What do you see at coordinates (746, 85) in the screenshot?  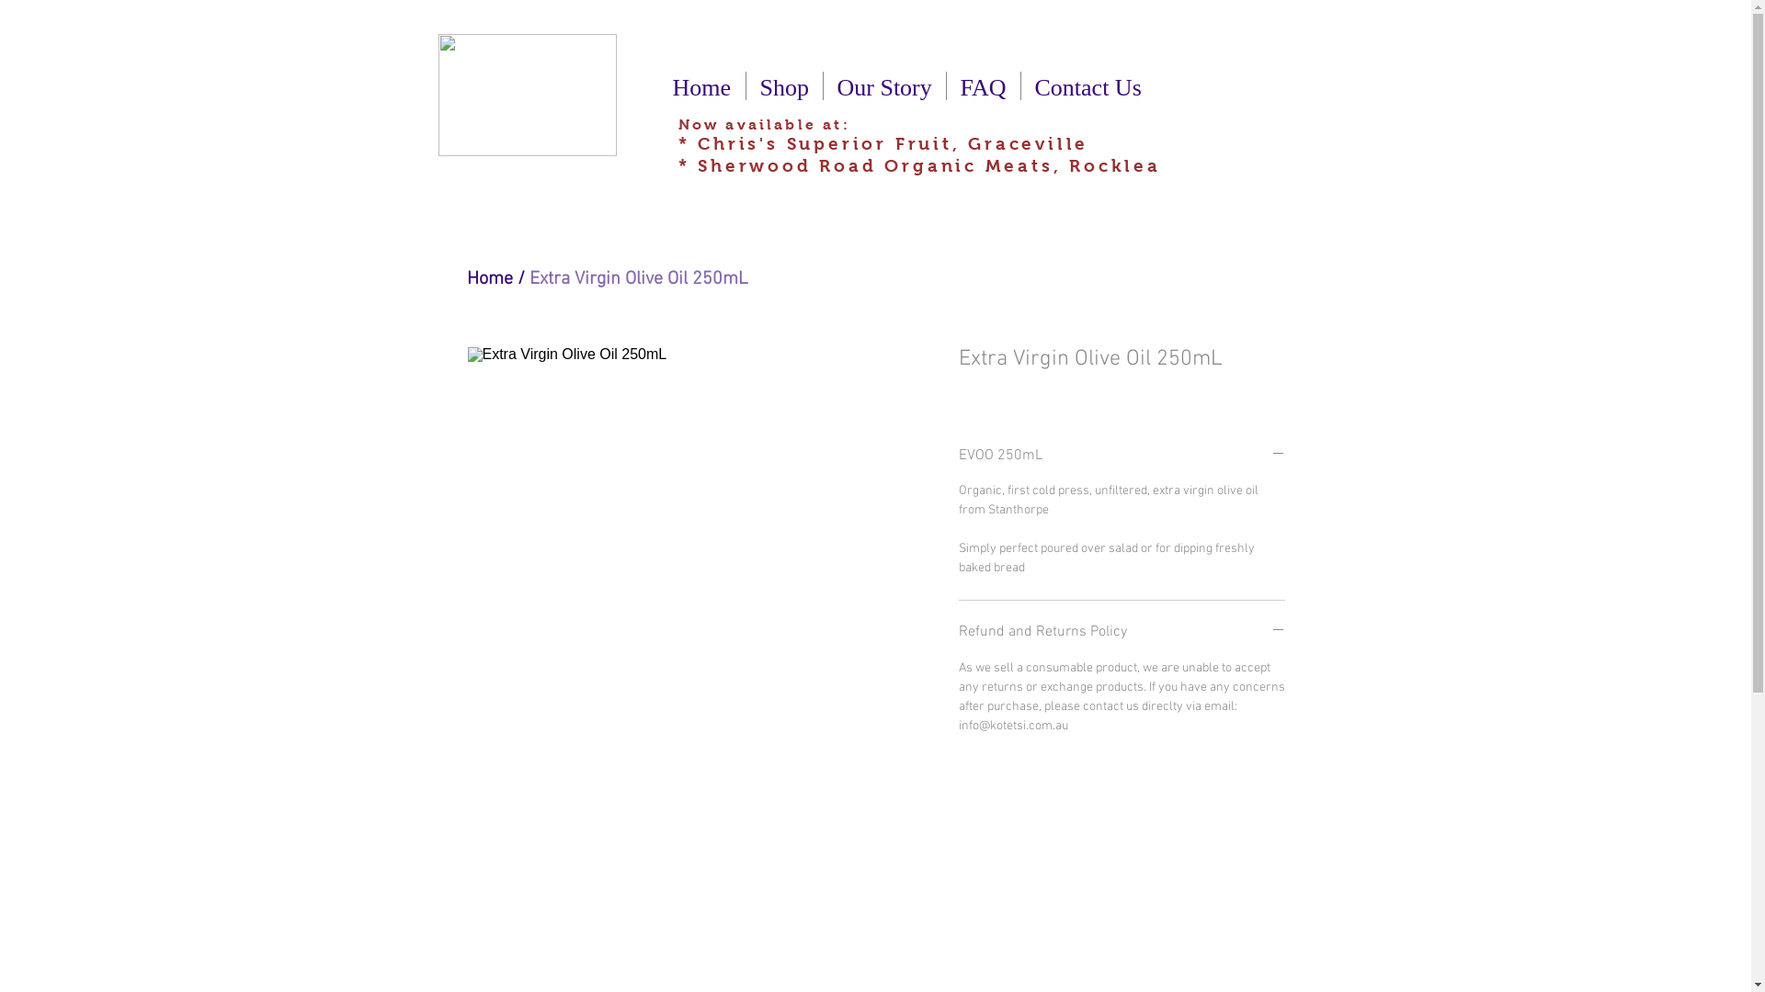 I see `'Shop'` at bounding box center [746, 85].